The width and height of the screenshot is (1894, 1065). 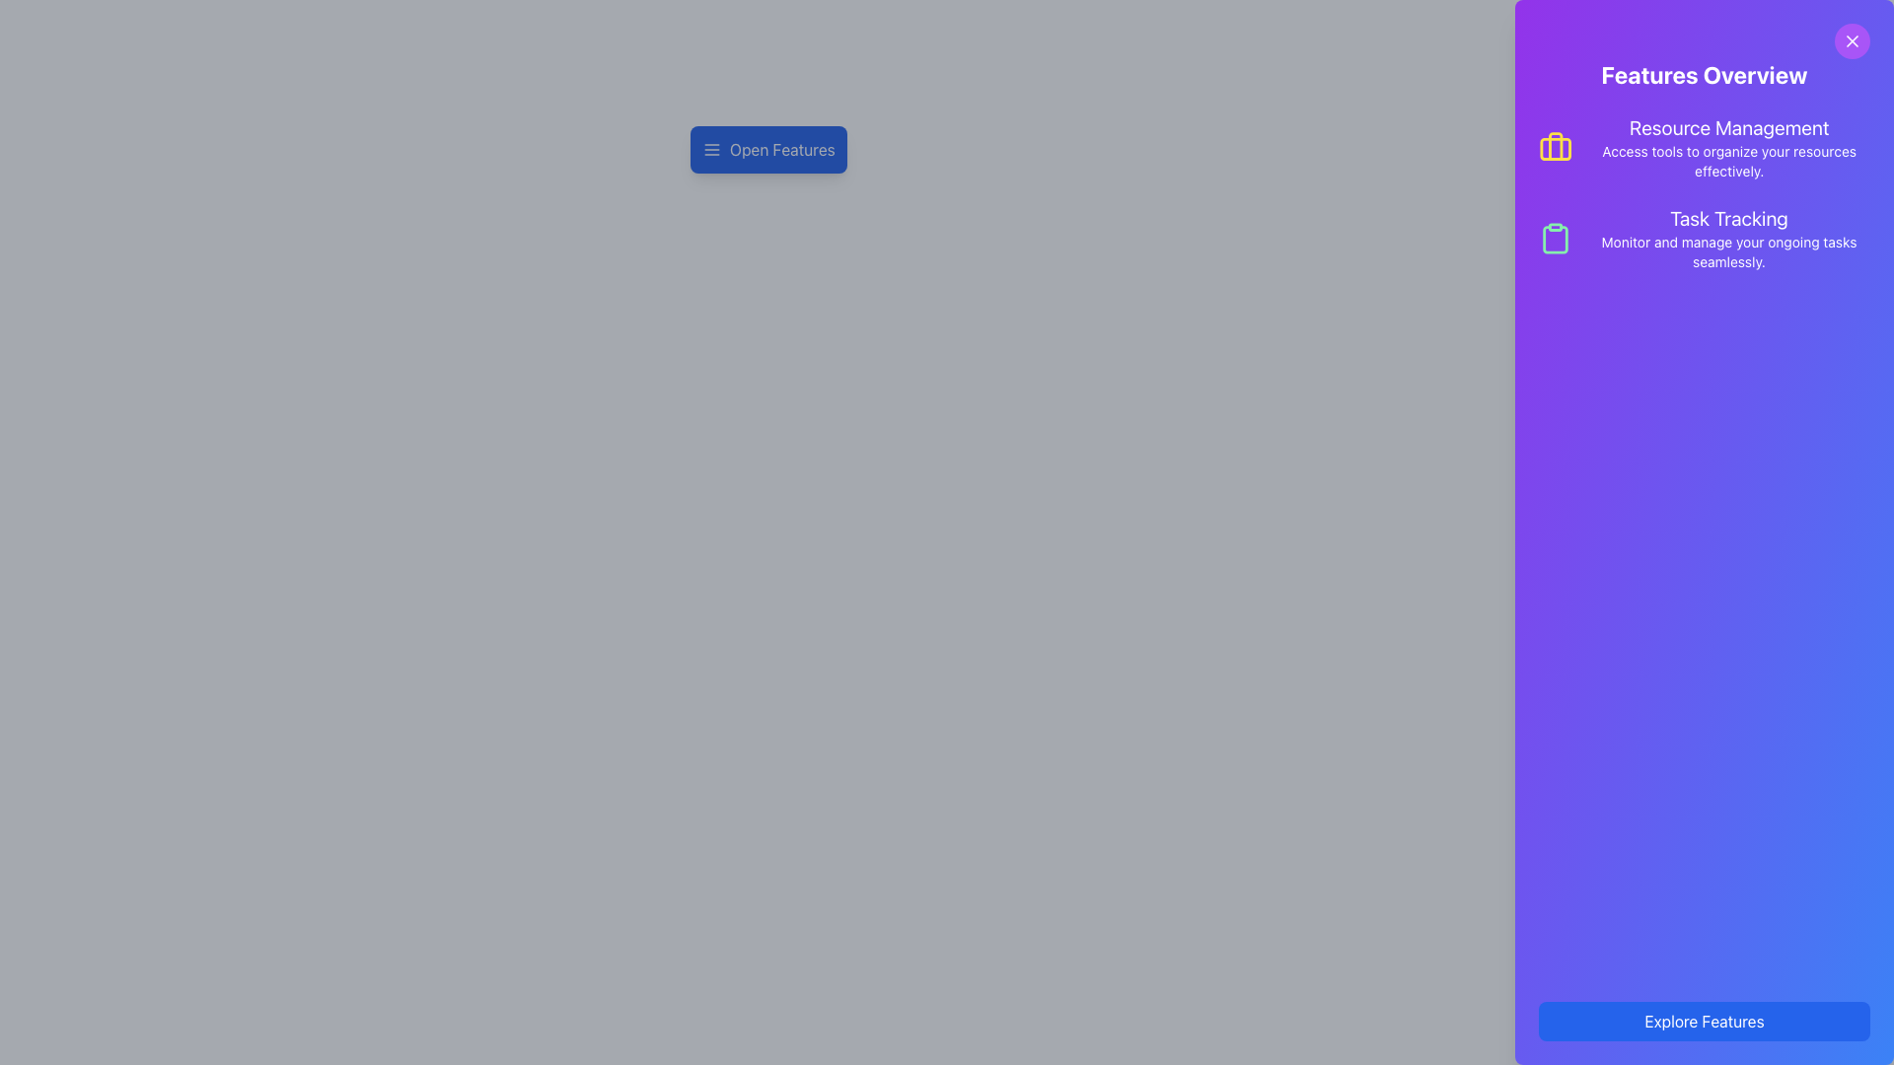 I want to click on the feature header and description located in the right-side panel, which is the first item in a vertical list of features preceded by an icon of a briefcase, so click(x=1728, y=147).